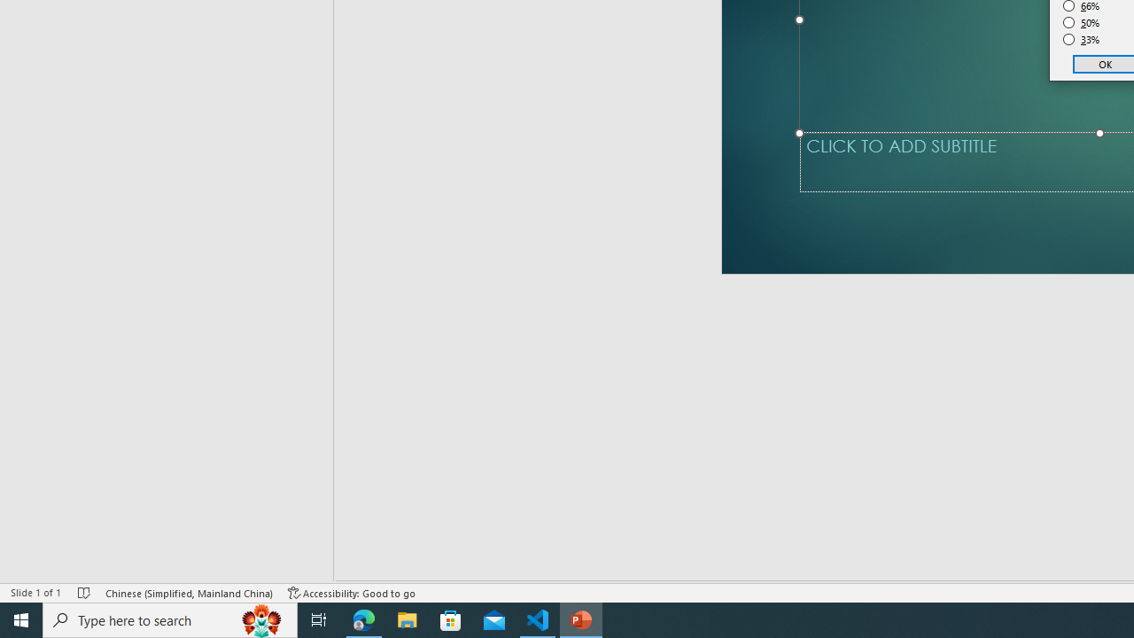 This screenshot has width=1134, height=638. Describe the element at coordinates (318, 619) in the screenshot. I see `'Task View'` at that location.